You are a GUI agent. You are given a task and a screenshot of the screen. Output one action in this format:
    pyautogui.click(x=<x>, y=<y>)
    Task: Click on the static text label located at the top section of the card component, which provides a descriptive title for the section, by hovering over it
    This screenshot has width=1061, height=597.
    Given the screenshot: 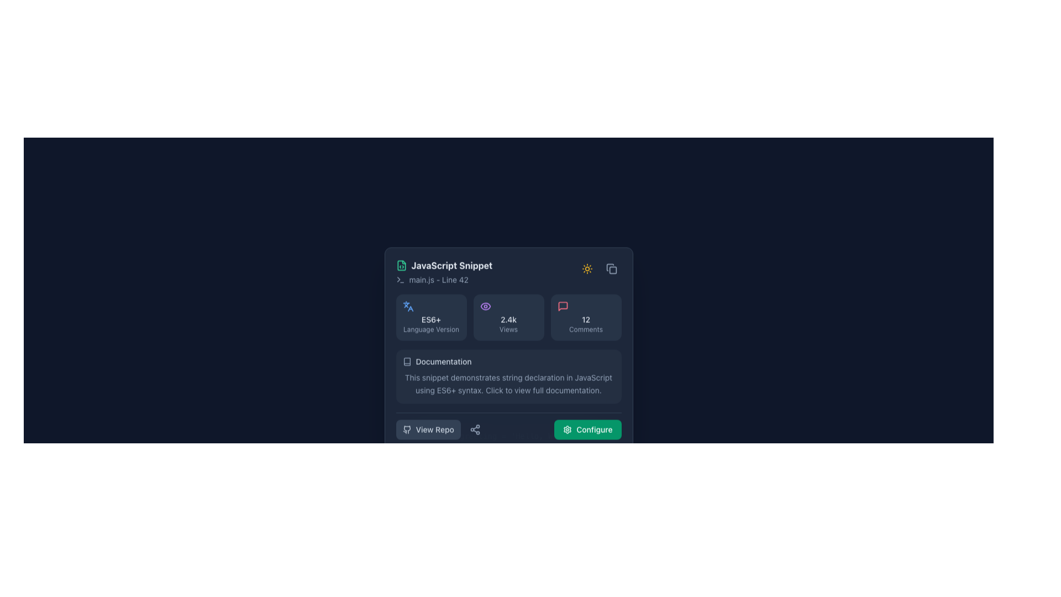 What is the action you would take?
    pyautogui.click(x=451, y=265)
    